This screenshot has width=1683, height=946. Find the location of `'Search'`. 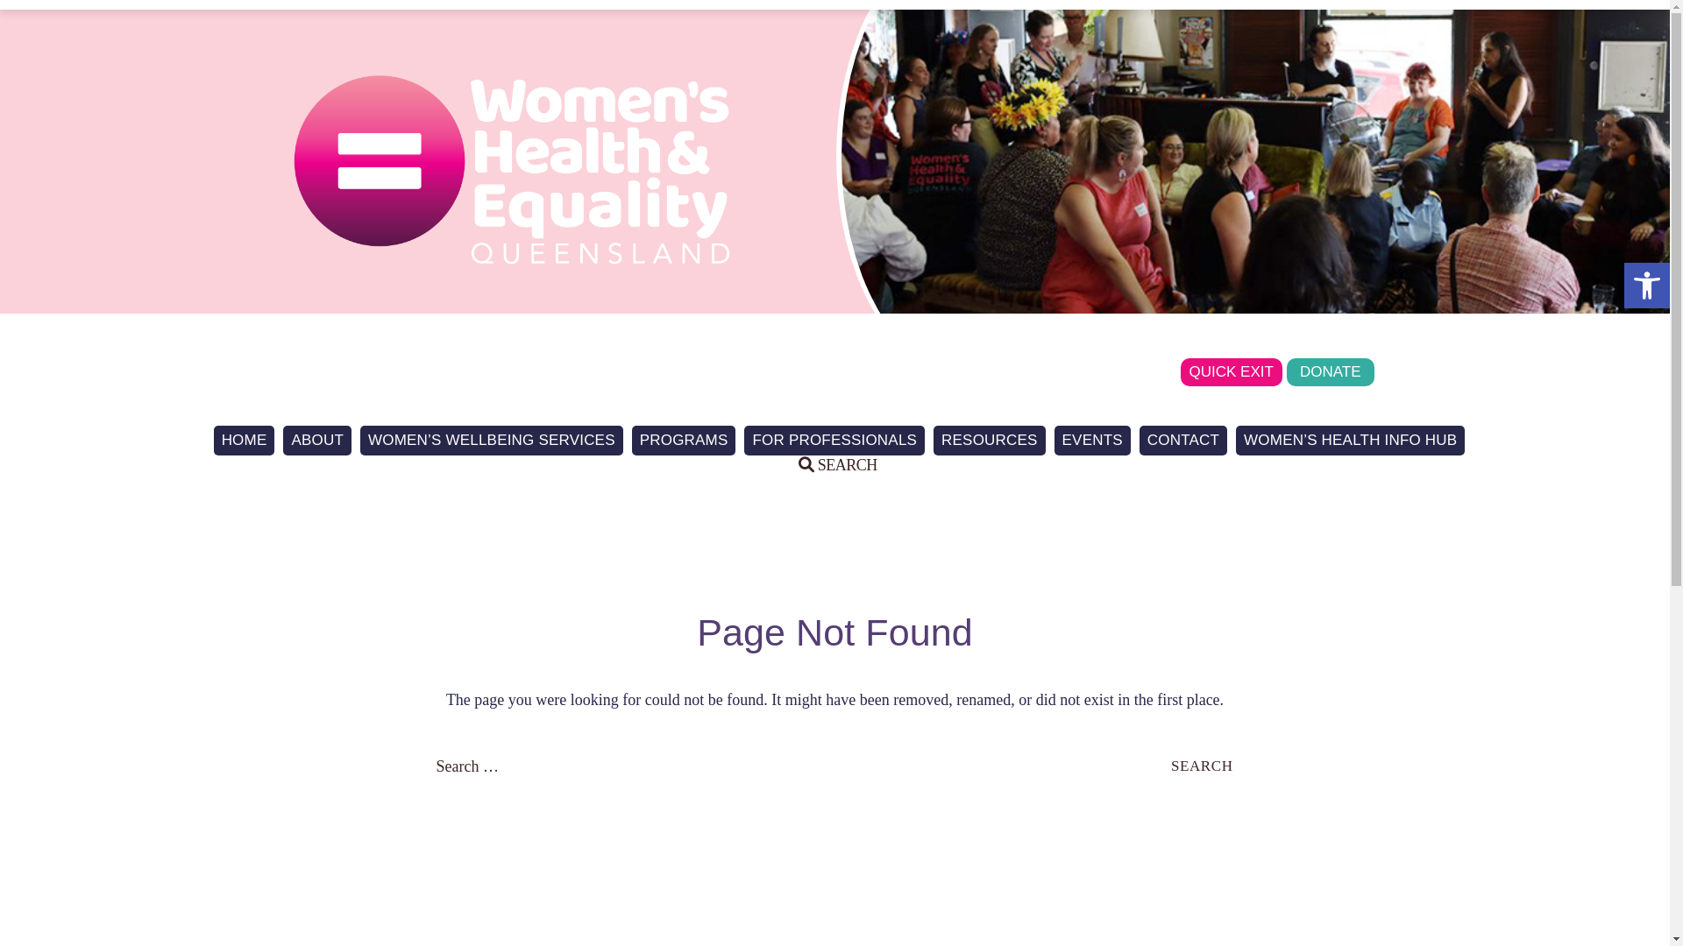

'Search' is located at coordinates (1201, 765).